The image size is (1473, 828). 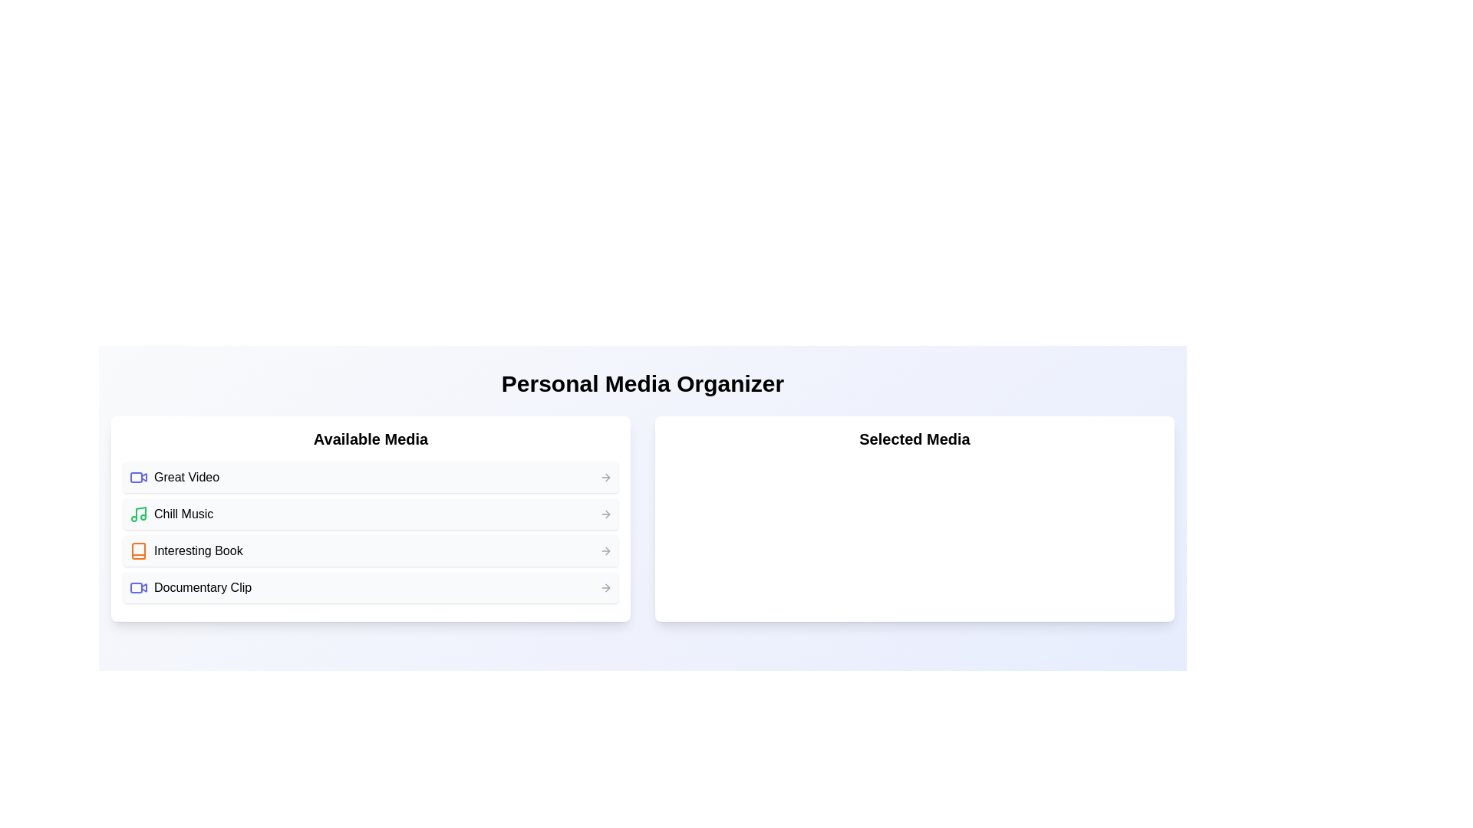 What do you see at coordinates (143, 475) in the screenshot?
I see `the play button icon, which is a triangular icon representing media playback in the 'Available Media' section for the item labeled 'Great Video'` at bounding box center [143, 475].